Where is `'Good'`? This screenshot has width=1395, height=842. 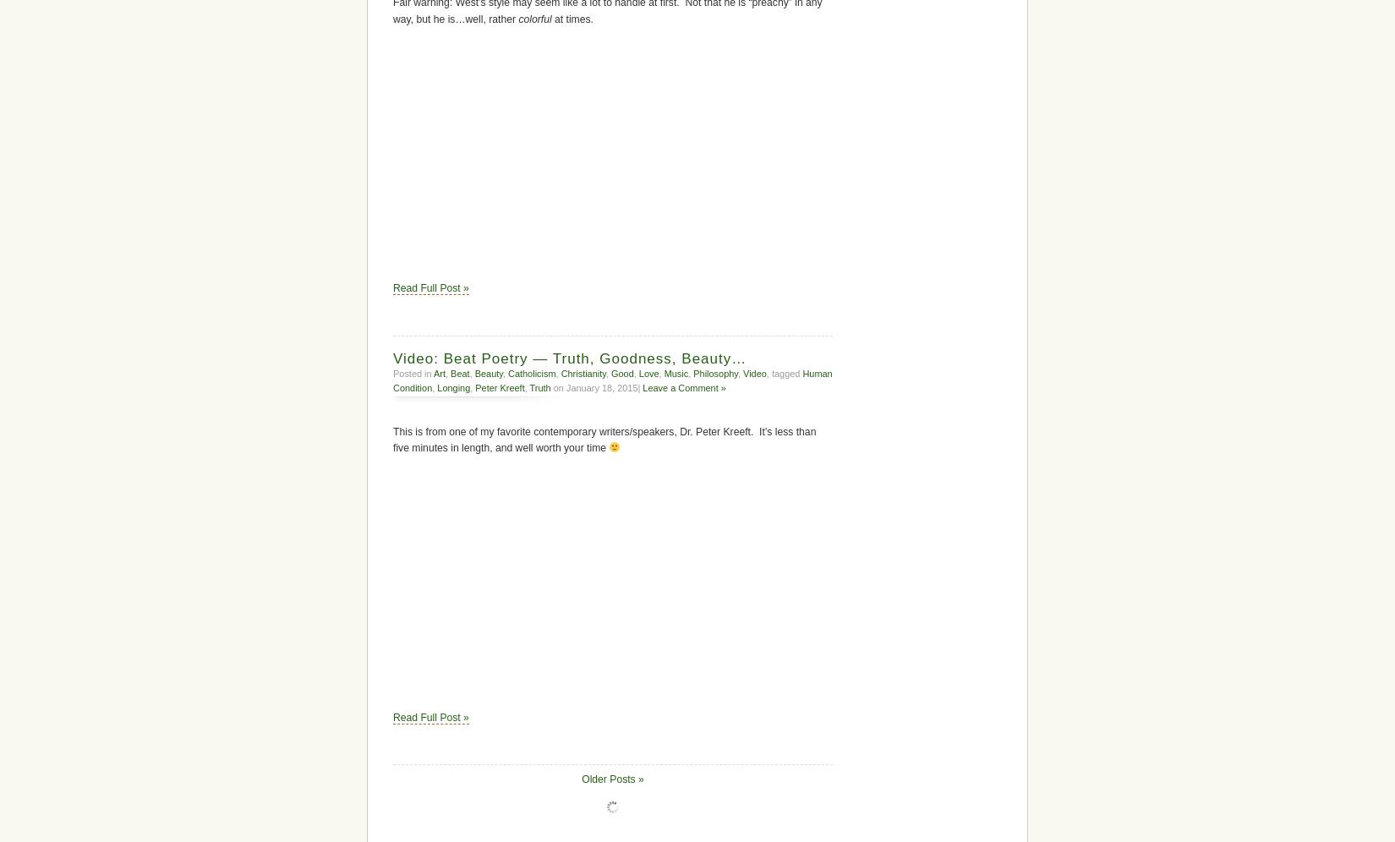
'Good' is located at coordinates (621, 373).